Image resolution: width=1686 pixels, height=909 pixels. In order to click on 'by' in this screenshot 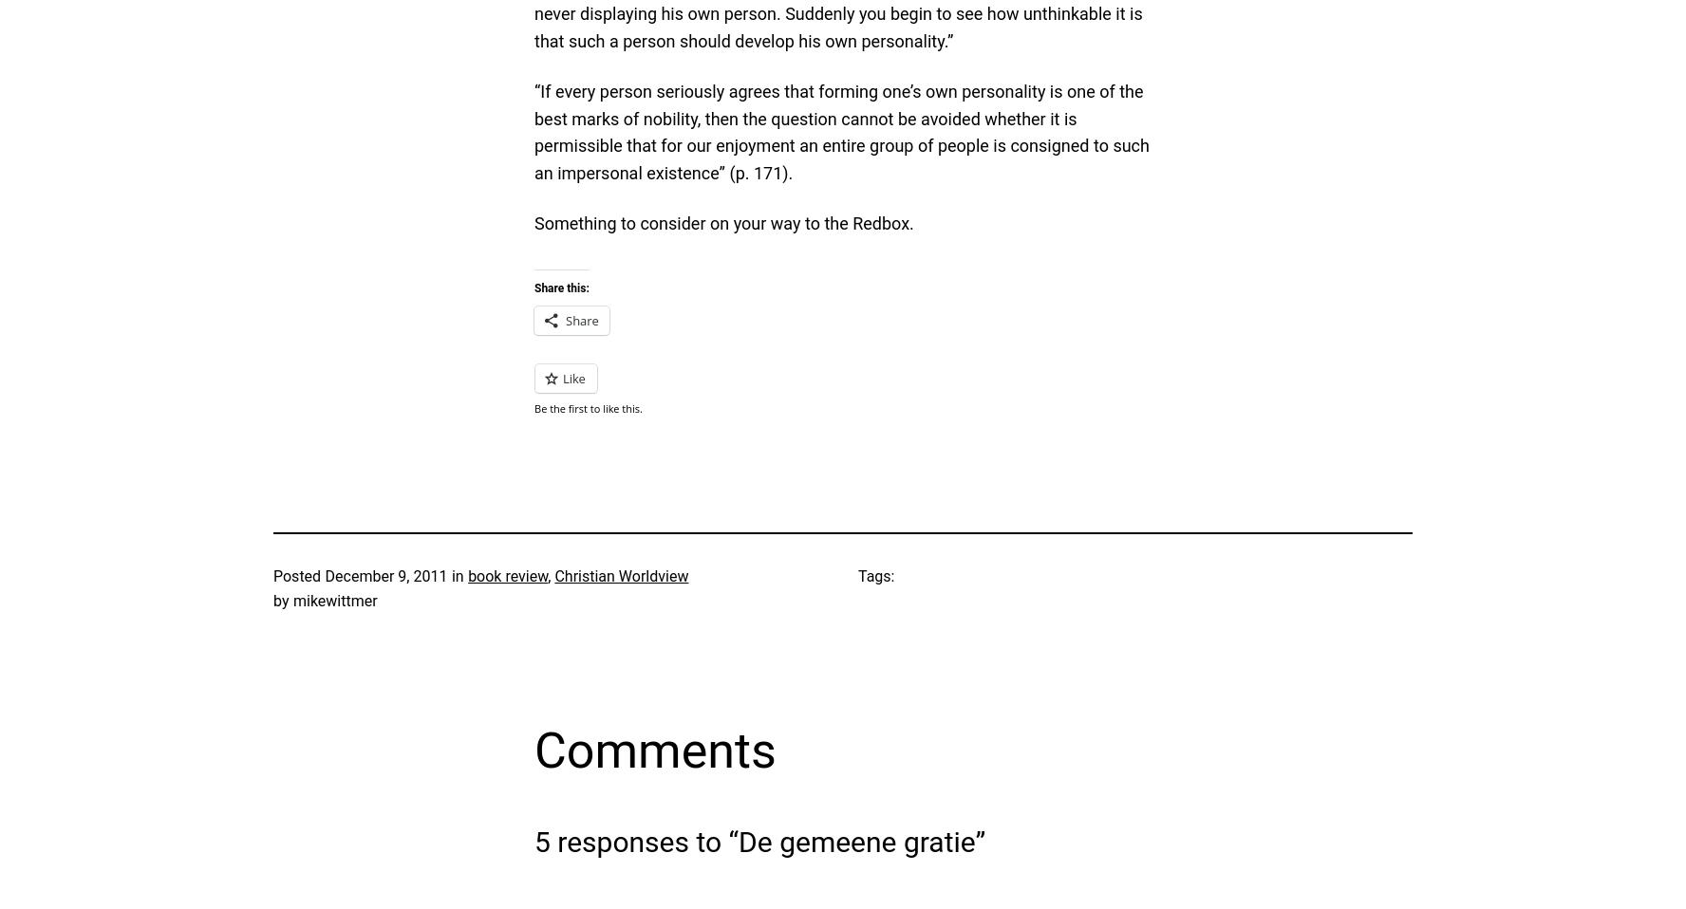, I will do `click(273, 600)`.